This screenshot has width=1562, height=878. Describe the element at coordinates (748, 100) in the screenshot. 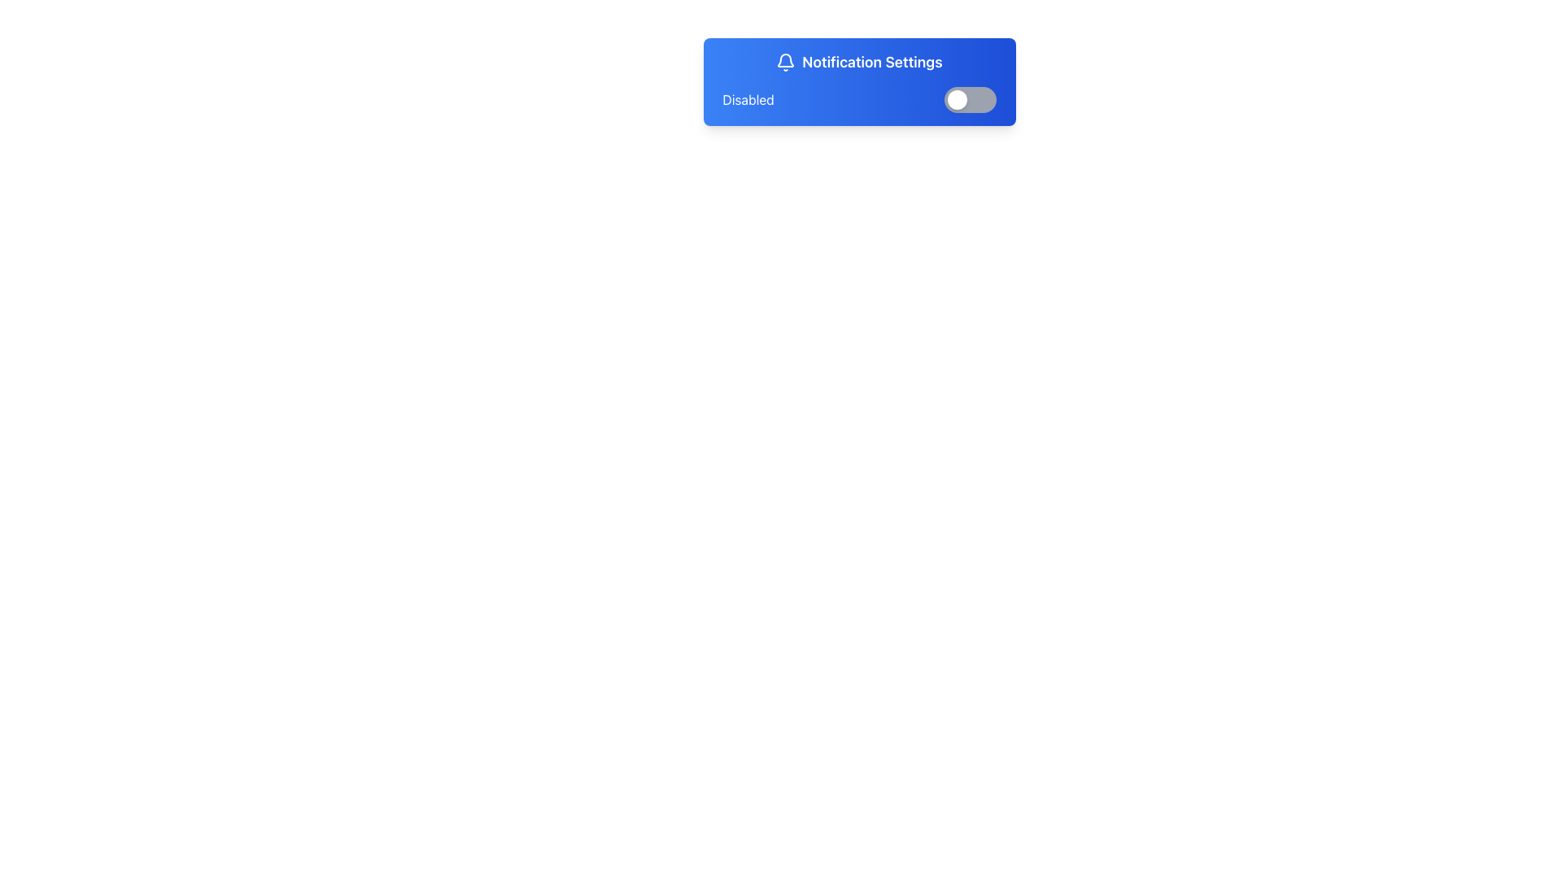

I see `the text label displaying 'Disabled' in white font on a blue background, which is positioned to the left of a toggle switch component` at that location.